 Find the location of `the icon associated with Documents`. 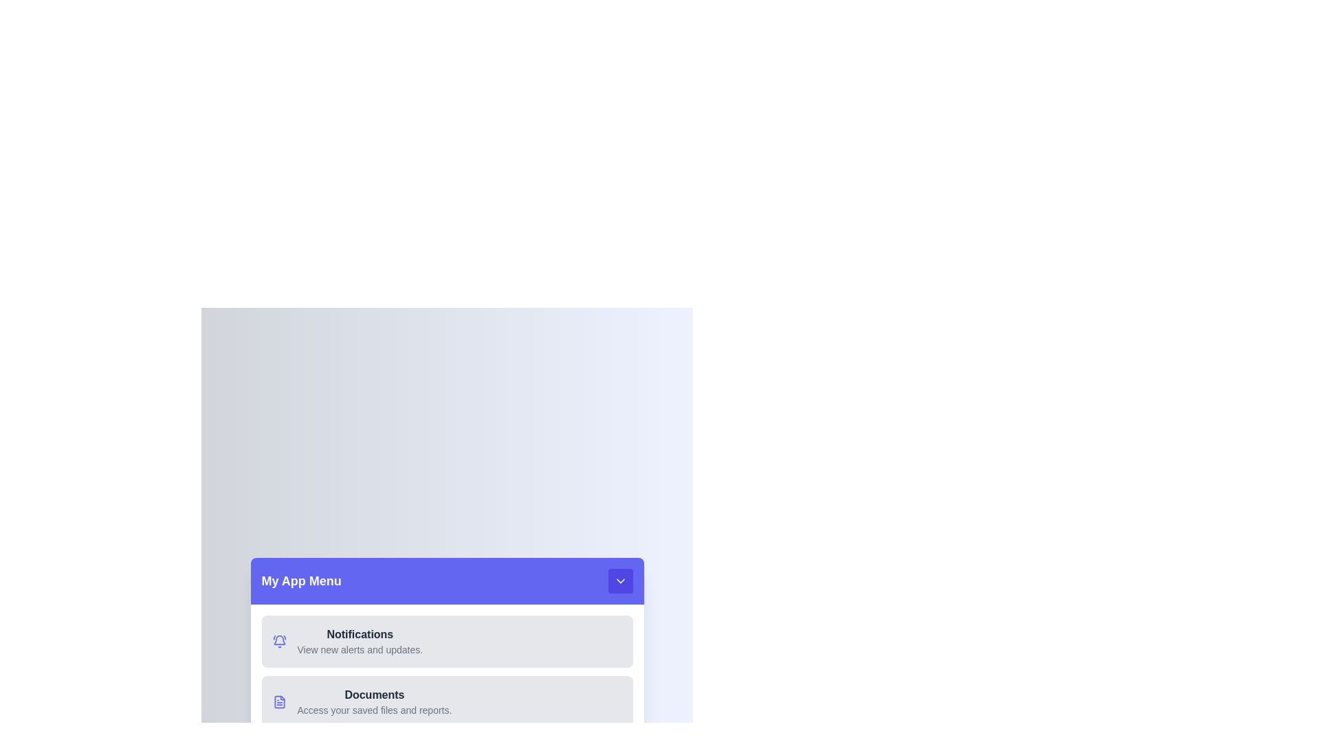

the icon associated with Documents is located at coordinates (278, 702).